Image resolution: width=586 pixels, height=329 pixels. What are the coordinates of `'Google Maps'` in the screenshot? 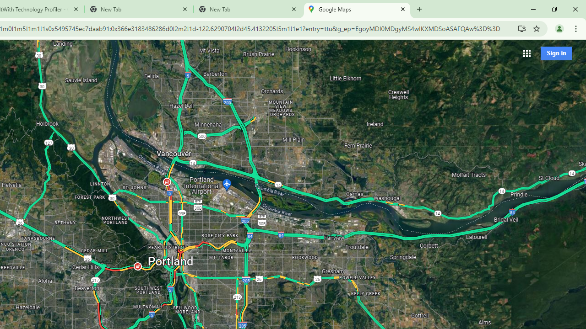 It's located at (356, 9).